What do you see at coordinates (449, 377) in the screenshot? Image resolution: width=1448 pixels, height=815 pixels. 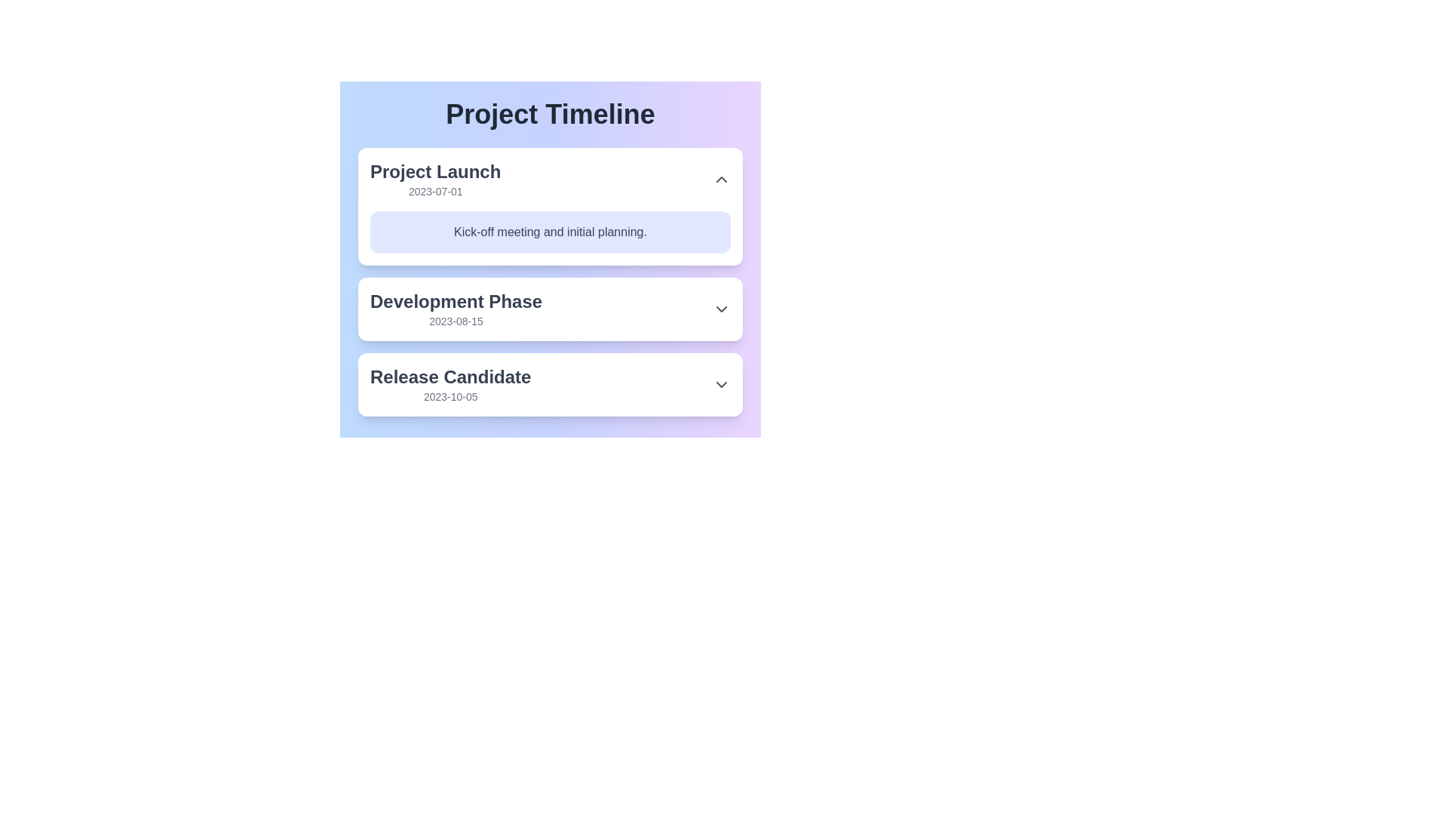 I see `the 'Release Candidate' text label, which is a large, bold, dark gray font element located in the lower section of the 'Project Timeline' list, positioned above the date '2023-10-05'` at bounding box center [449, 377].